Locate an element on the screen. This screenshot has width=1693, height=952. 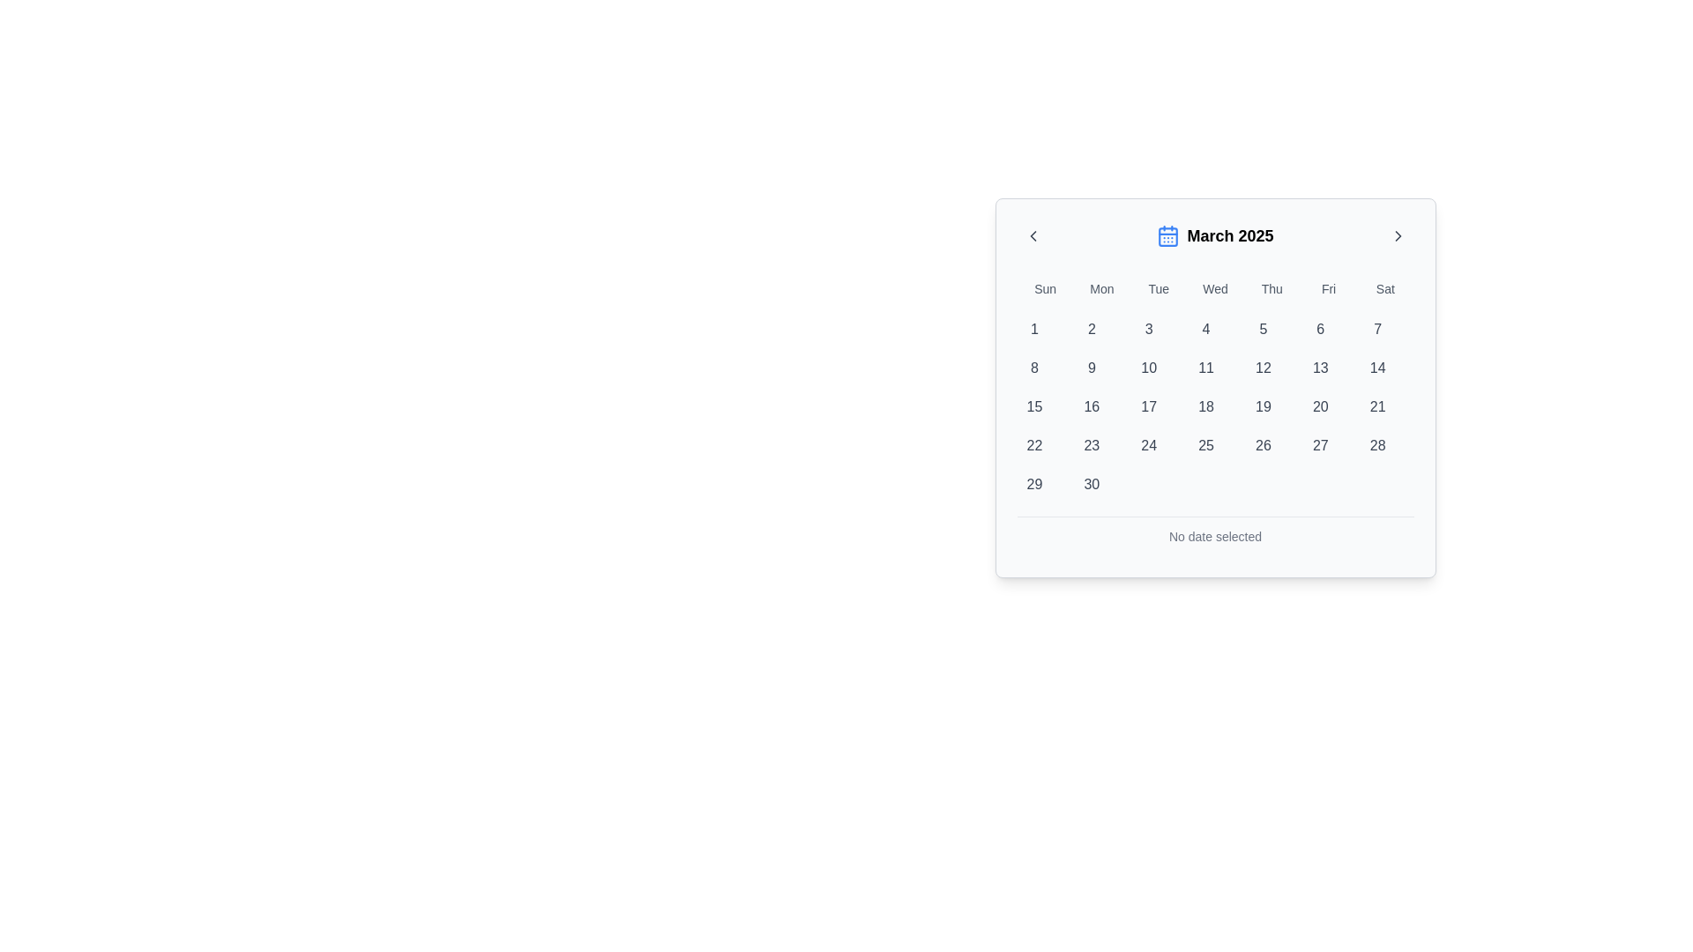
the circular button labeled '7' is located at coordinates (1376, 330).